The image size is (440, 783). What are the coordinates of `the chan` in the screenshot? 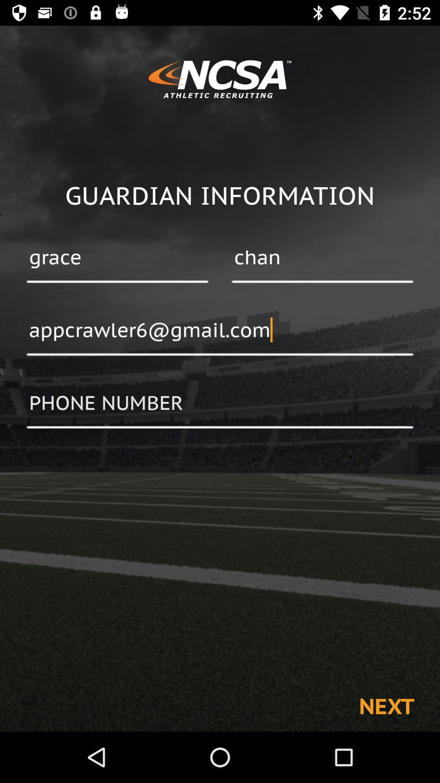 It's located at (322, 258).